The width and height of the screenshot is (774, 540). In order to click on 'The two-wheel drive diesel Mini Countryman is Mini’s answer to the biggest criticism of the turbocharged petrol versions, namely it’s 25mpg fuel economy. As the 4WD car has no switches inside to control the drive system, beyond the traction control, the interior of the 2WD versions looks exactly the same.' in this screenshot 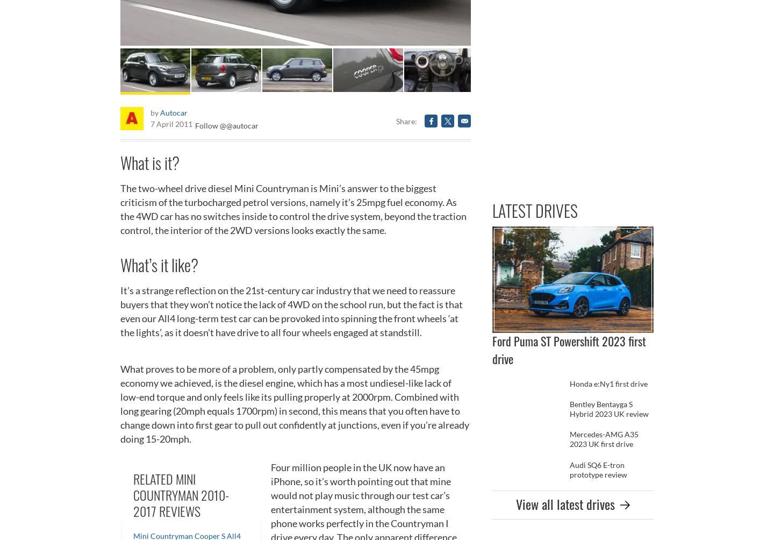, I will do `click(293, 208)`.